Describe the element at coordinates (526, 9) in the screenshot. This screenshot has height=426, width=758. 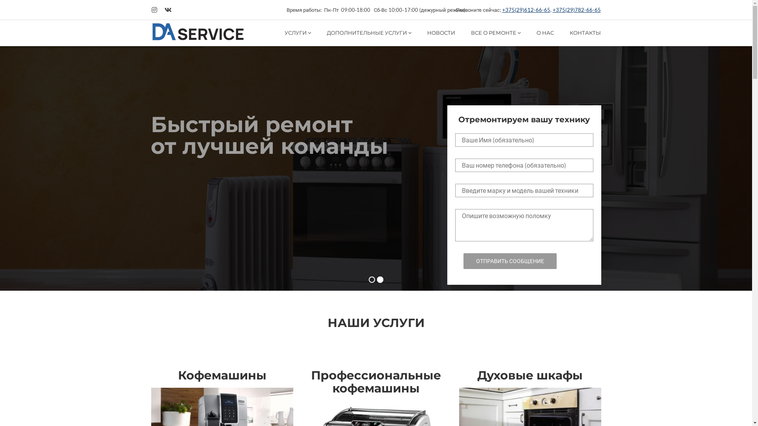
I see `'+375(29)612-66-65'` at that location.